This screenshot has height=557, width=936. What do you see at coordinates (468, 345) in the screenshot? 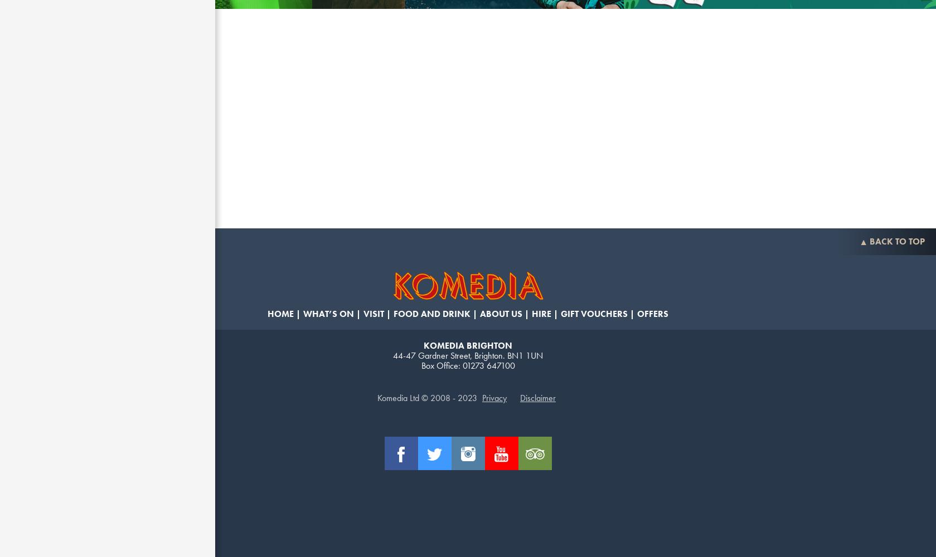
I see `'Komedia Brighton'` at bounding box center [468, 345].